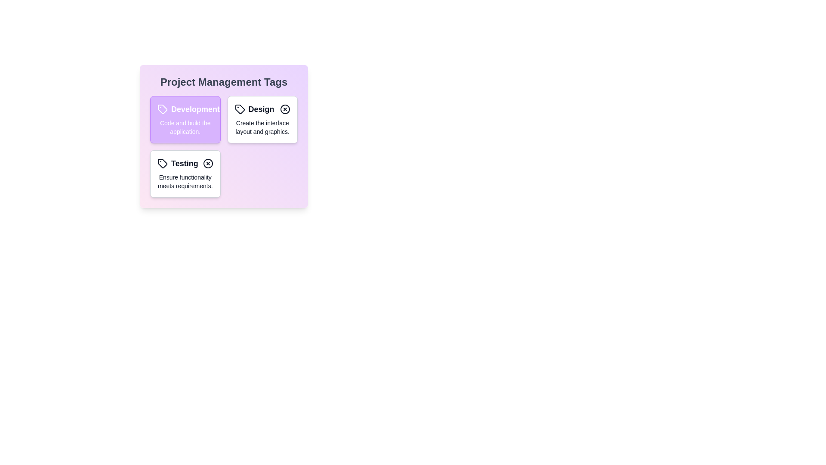 Image resolution: width=826 pixels, height=465 pixels. Describe the element at coordinates (262, 109) in the screenshot. I see `the tag with the title Design` at that location.